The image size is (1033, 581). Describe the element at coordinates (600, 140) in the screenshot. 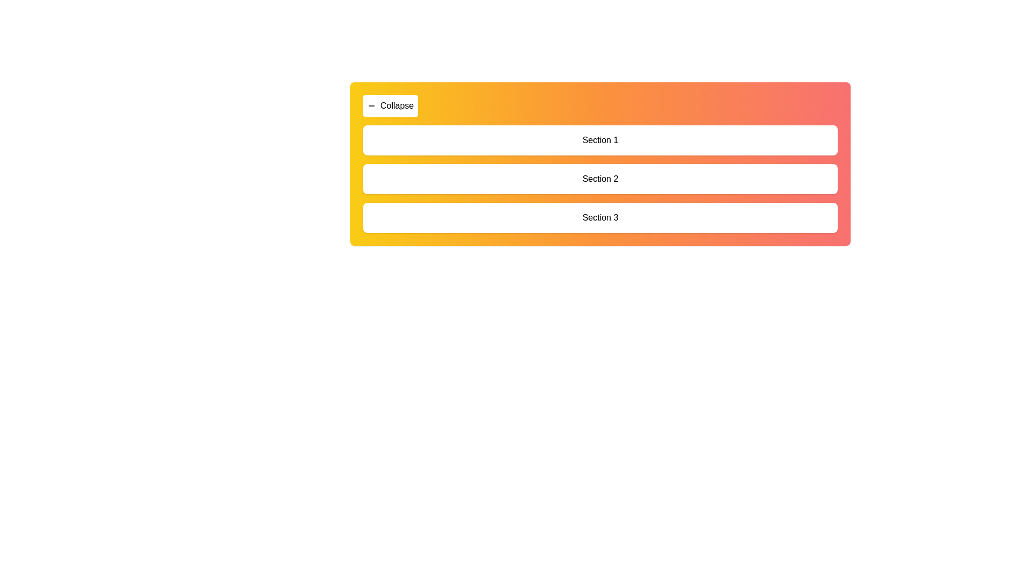

I see `the clickable section header labeled 'Section 1' to trigger a tooltip or highlight effect` at that location.